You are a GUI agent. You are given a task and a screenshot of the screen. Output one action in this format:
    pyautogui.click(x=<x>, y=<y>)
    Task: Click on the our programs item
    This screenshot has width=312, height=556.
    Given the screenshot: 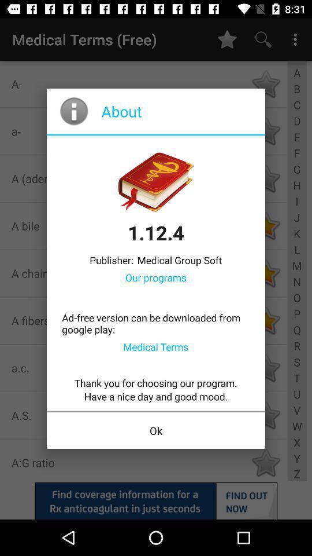 What is the action you would take?
    pyautogui.click(x=156, y=277)
    